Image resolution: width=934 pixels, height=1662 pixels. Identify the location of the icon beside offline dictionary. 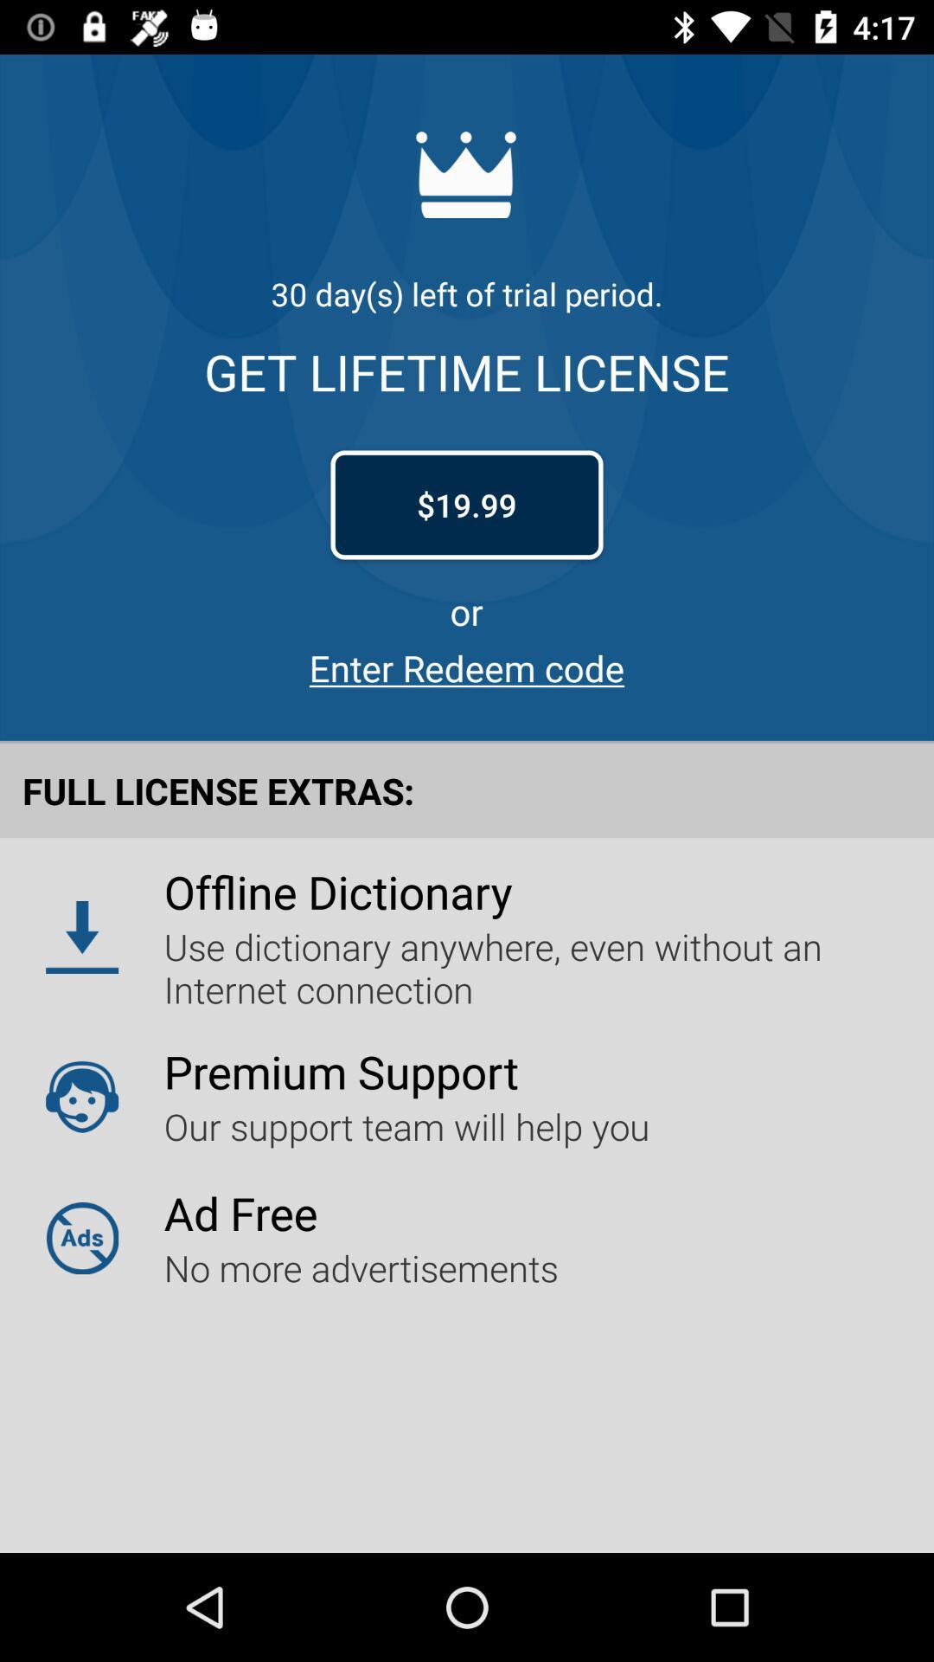
(82, 937).